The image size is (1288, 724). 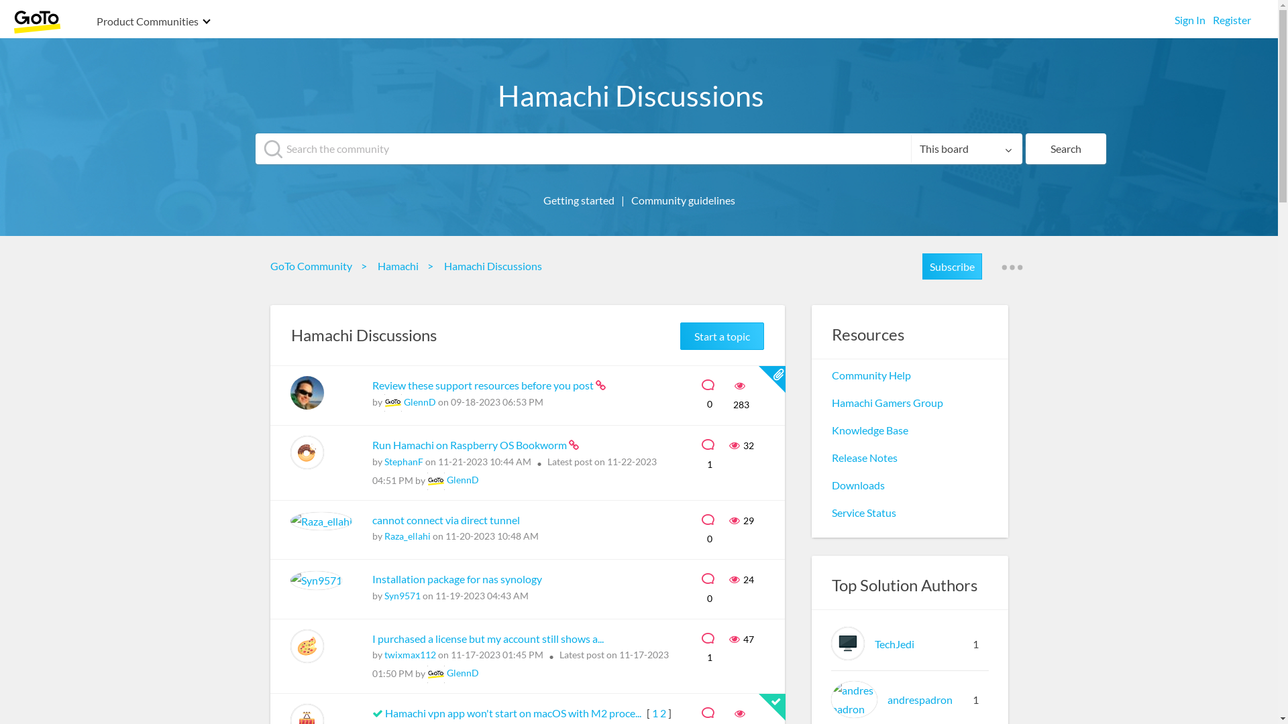 I want to click on 'Downloads', so click(x=857, y=485).